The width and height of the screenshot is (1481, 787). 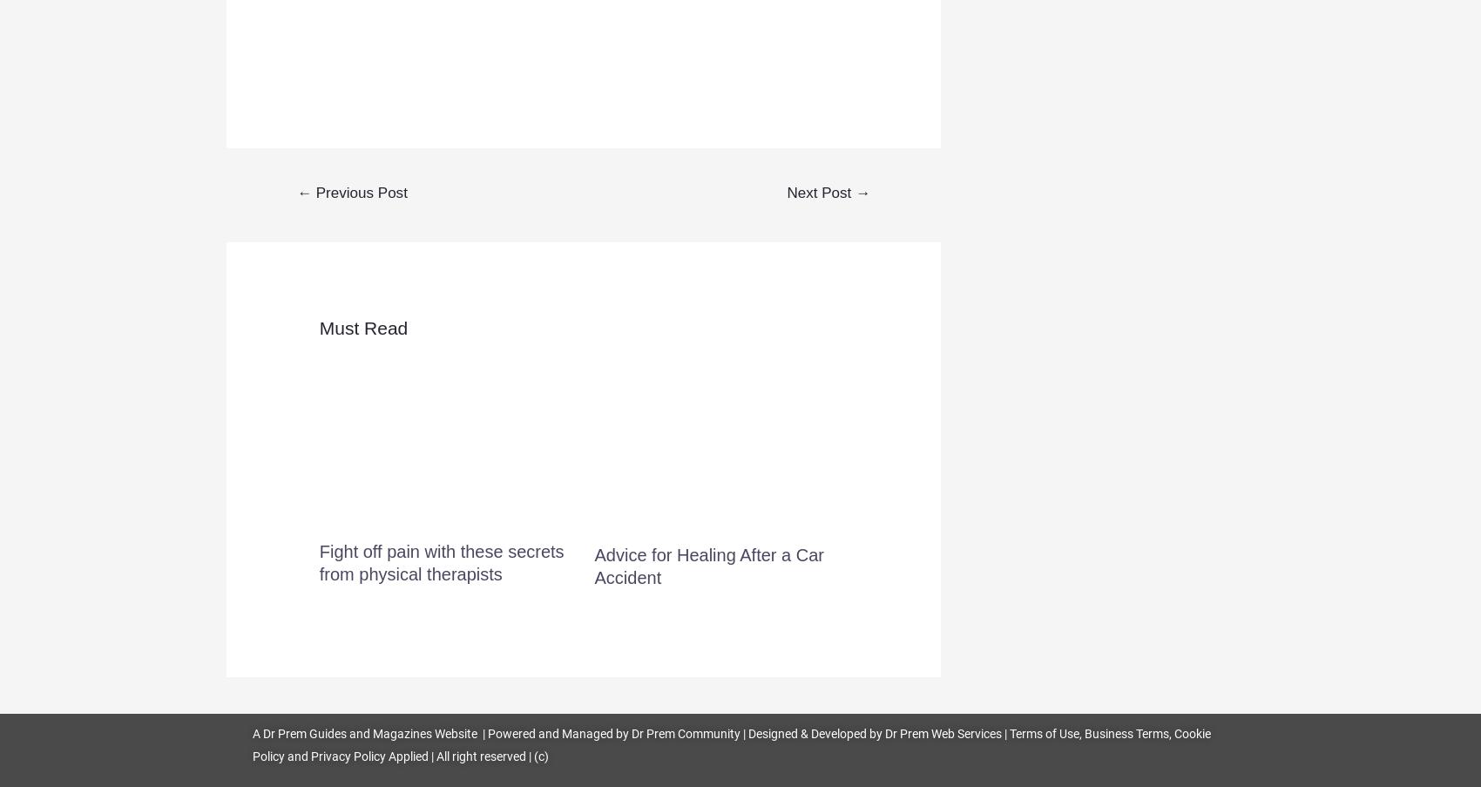 What do you see at coordinates (286, 756) in the screenshot?
I see `'and'` at bounding box center [286, 756].